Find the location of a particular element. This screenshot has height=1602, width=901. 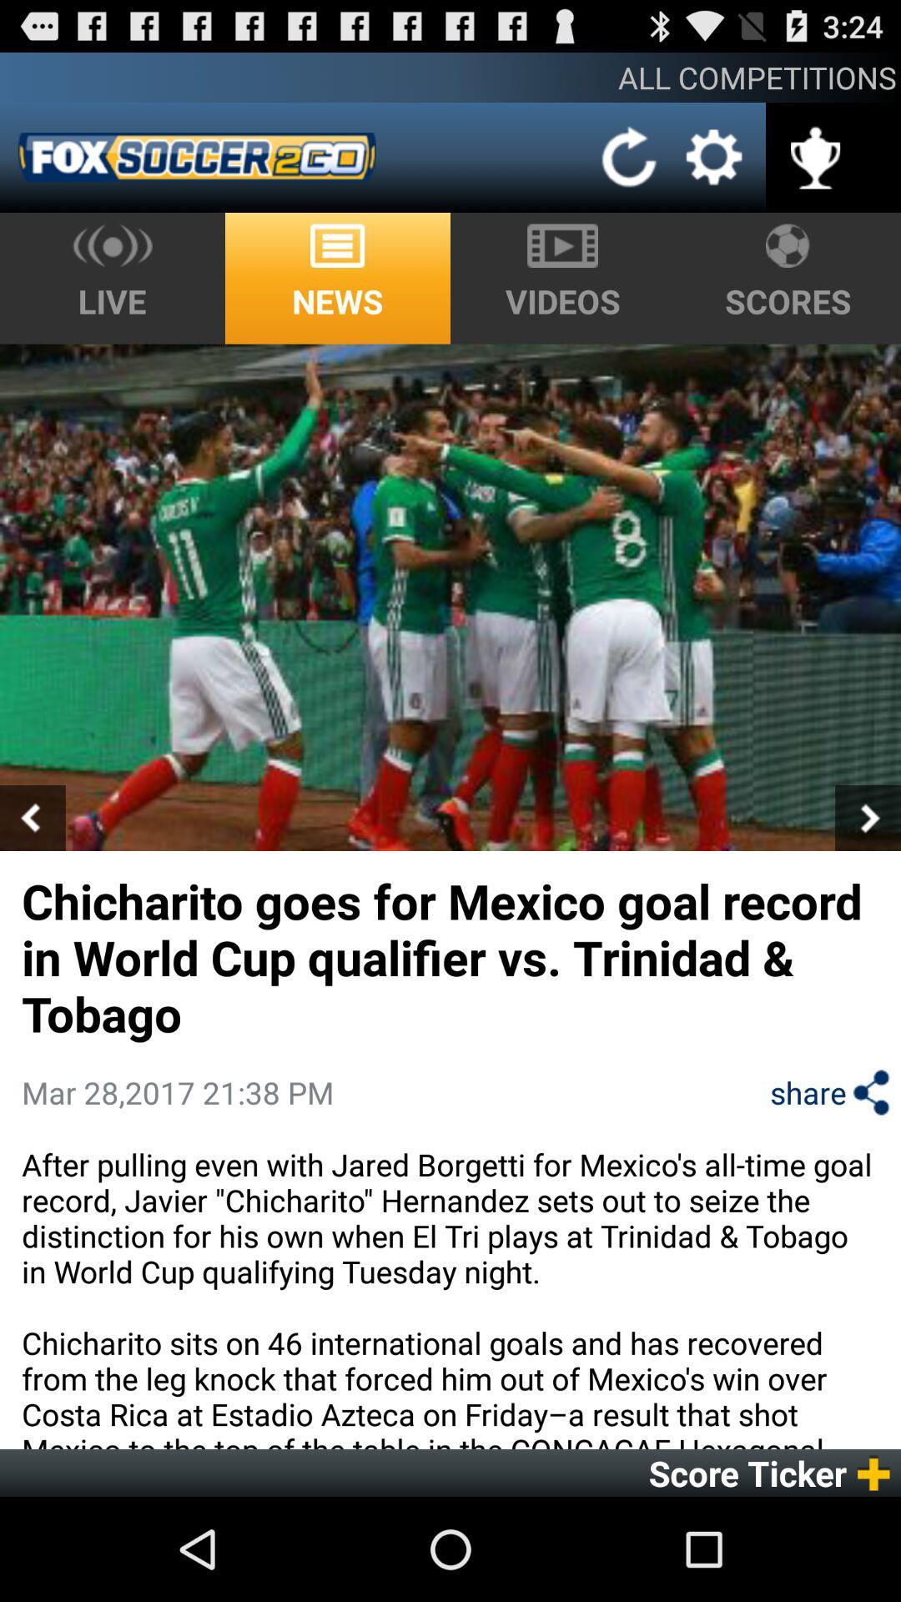

the refresh icon is located at coordinates (630, 169).